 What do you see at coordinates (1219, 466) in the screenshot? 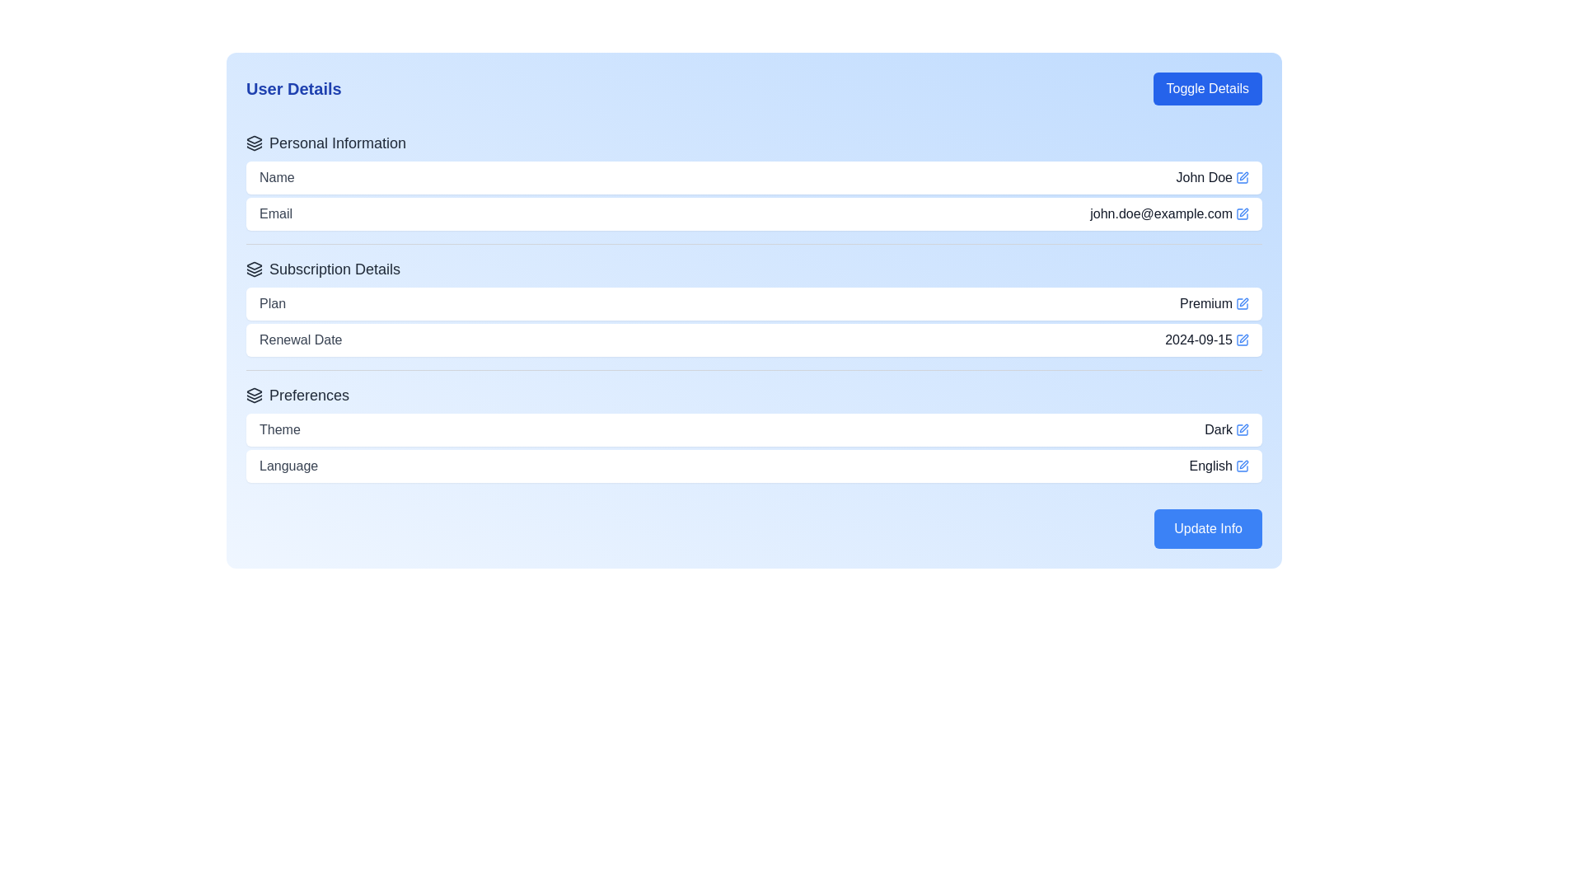
I see `the context of the text label displaying the currently selected language setting, which is 'English', positioned in the 'Preferences' section of the interface` at bounding box center [1219, 466].